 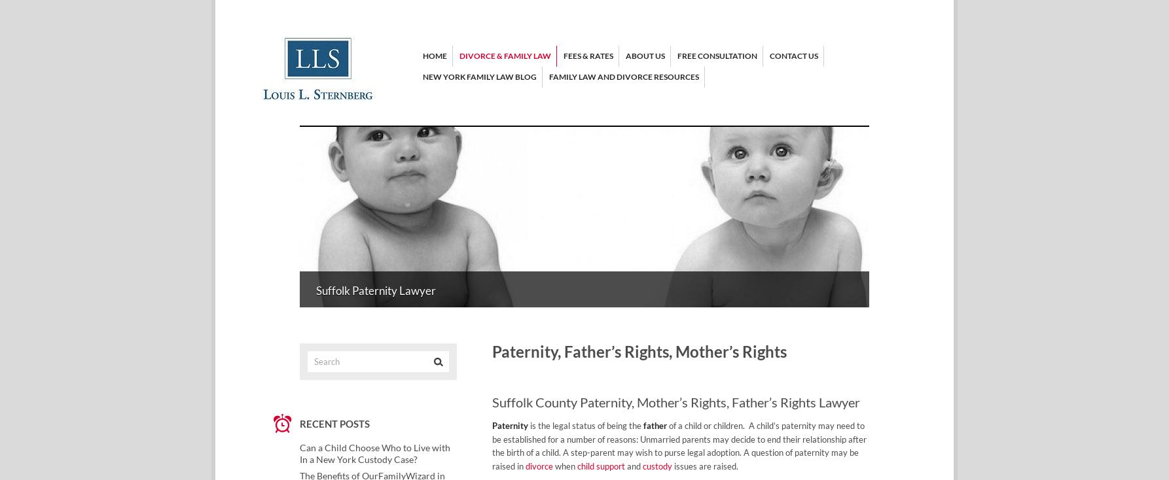 I want to click on 'About Us', so click(x=626, y=56).